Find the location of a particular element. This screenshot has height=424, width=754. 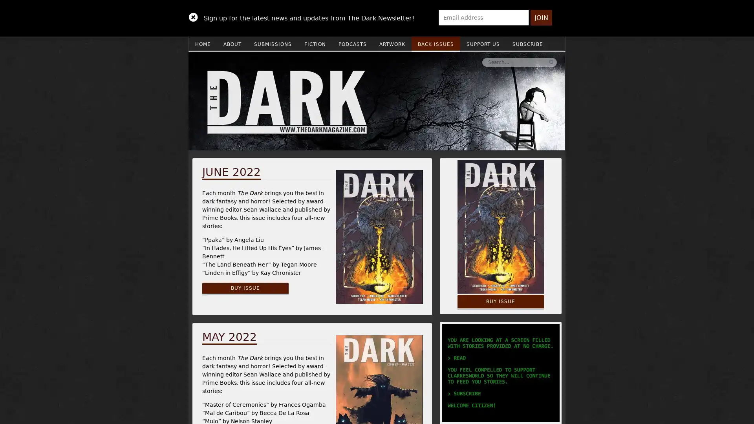

Join is located at coordinates (541, 18).